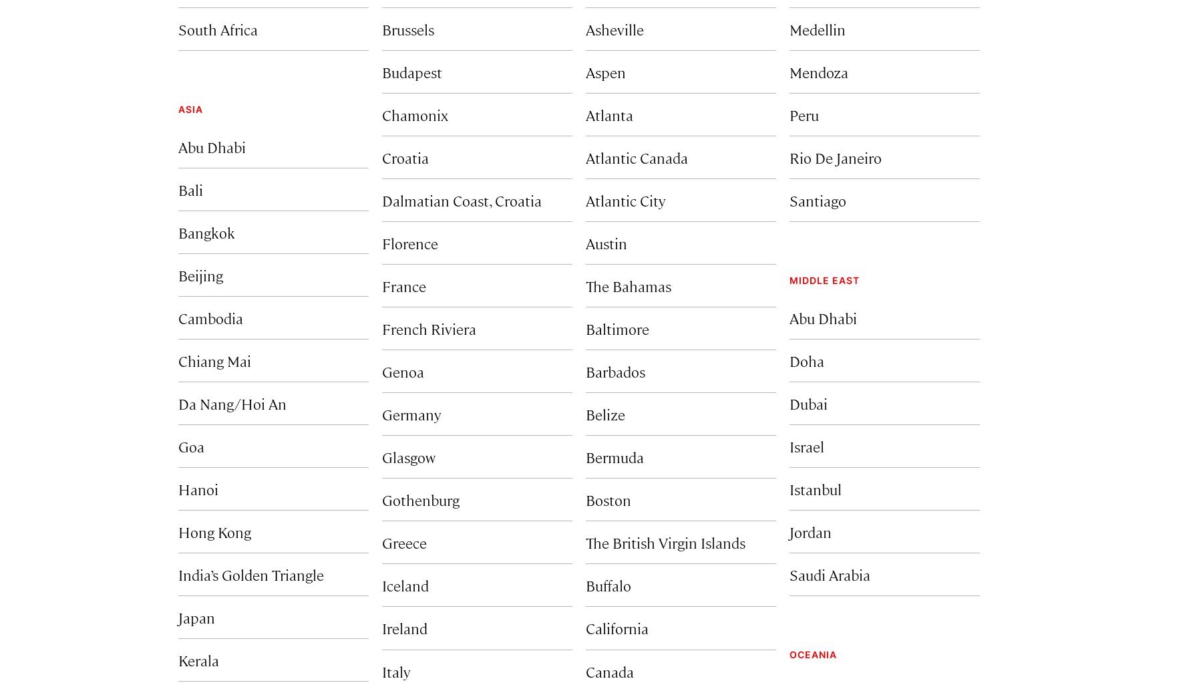  What do you see at coordinates (411, 413) in the screenshot?
I see `'Germany'` at bounding box center [411, 413].